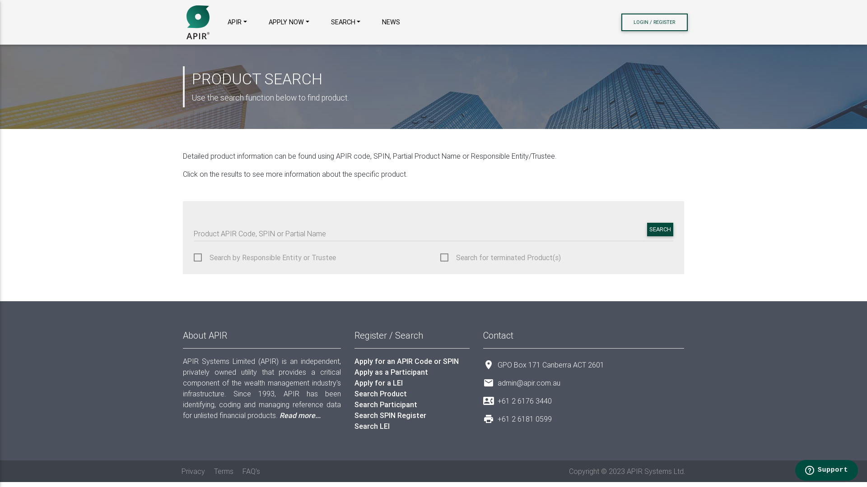  I want to click on 'Apply for an APIR Code or SPIN', so click(411, 361).